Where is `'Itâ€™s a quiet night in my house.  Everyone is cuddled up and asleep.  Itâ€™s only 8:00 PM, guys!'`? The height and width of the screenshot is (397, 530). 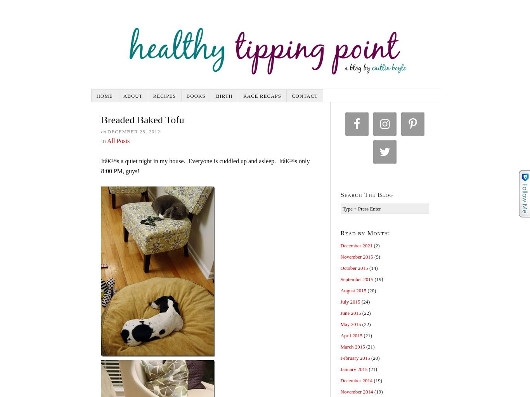
'Itâ€™s a quiet night in my house.  Everyone is cuddled up and asleep.  Itâ€™s only 8:00 PM, guys!' is located at coordinates (205, 166).